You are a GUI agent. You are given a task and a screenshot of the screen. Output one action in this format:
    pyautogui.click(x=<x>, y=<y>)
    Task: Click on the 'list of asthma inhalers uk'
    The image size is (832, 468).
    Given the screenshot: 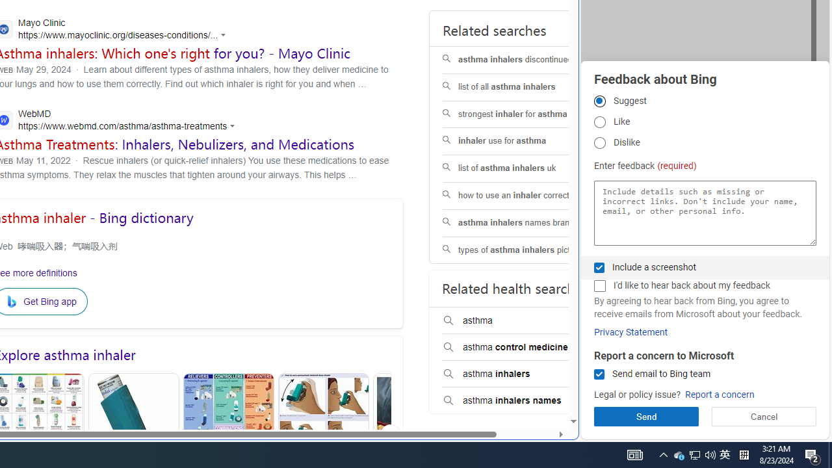 What is the action you would take?
    pyautogui.click(x=525, y=168)
    